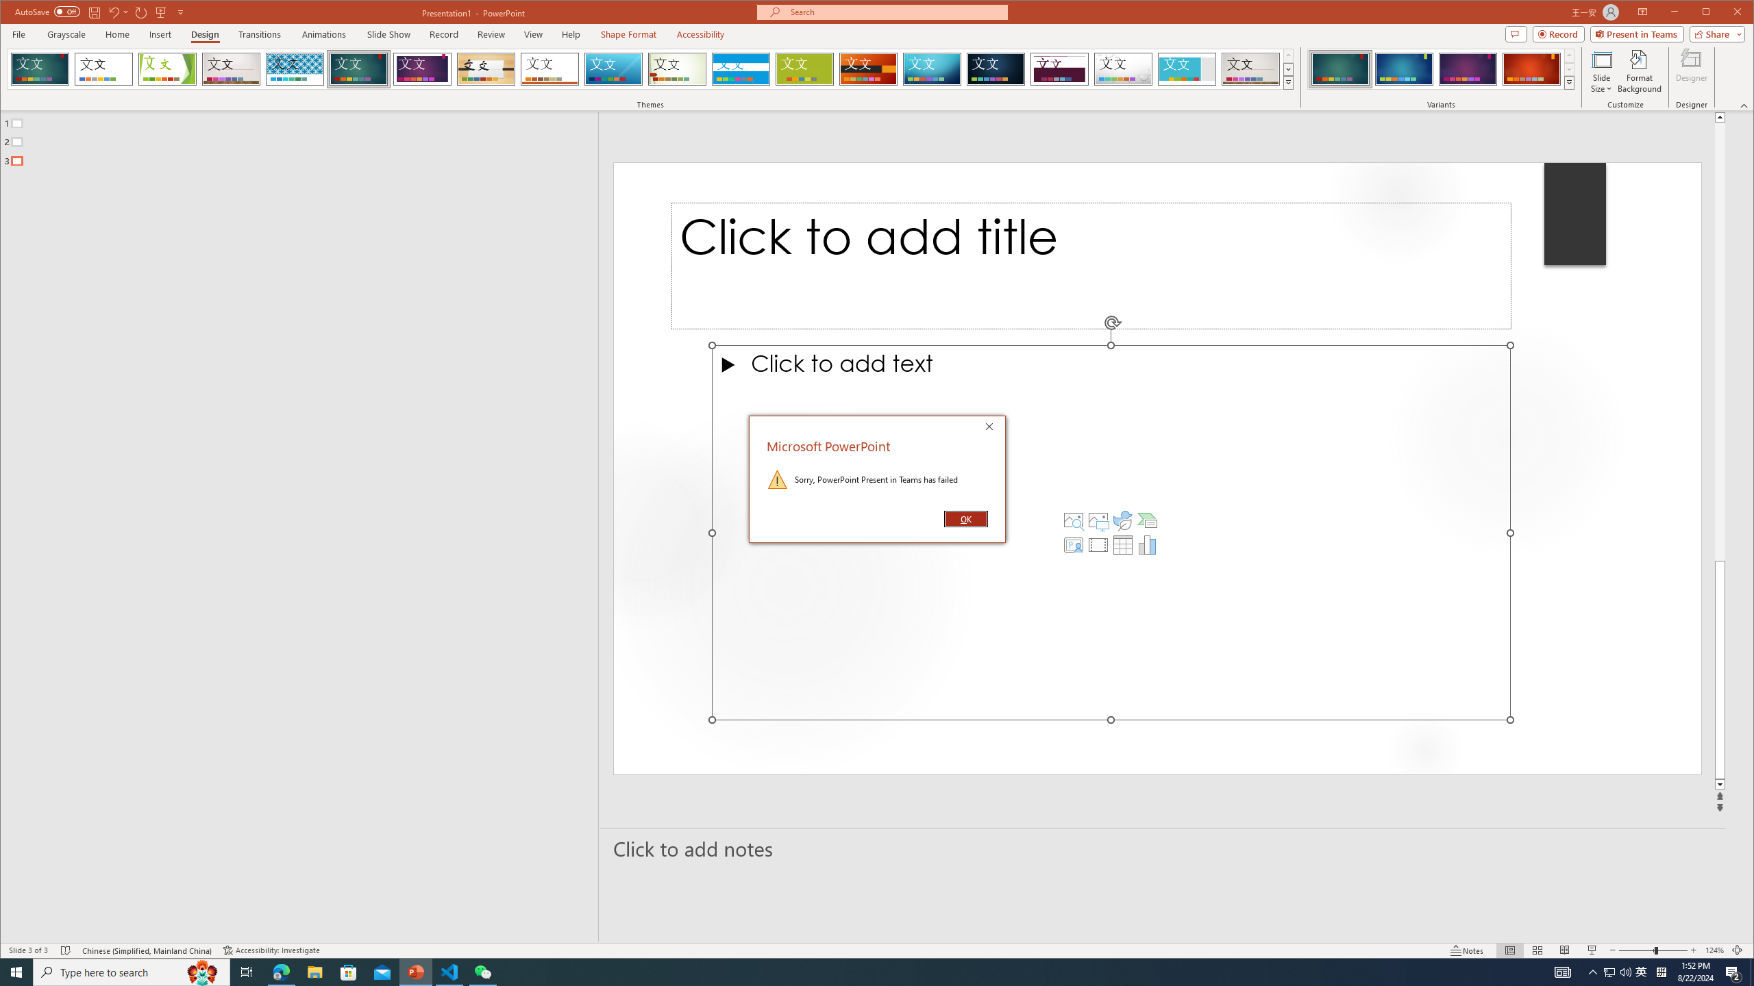 The width and height of the screenshot is (1754, 986). Describe the element at coordinates (614, 68) in the screenshot. I see `'Slice'` at that location.